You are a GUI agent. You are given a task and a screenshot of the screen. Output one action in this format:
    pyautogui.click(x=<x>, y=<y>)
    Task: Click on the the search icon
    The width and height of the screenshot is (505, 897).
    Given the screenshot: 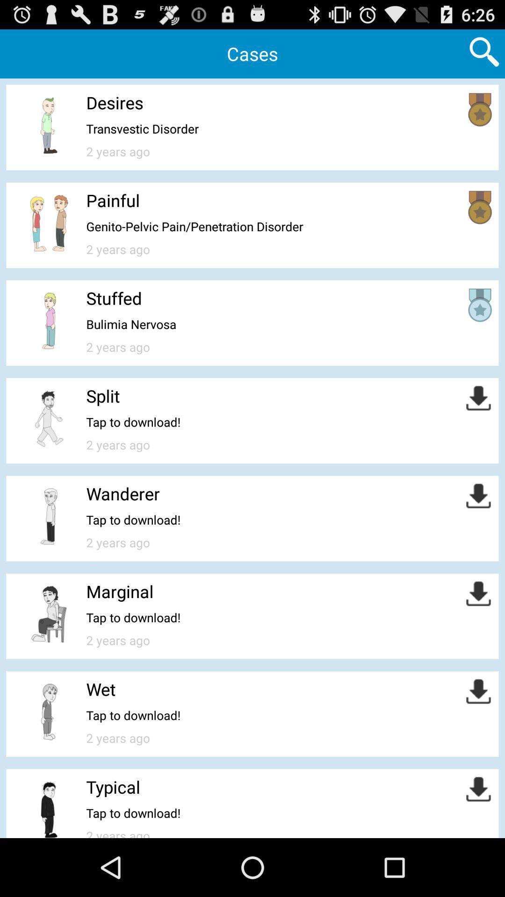 What is the action you would take?
    pyautogui.click(x=484, y=55)
    